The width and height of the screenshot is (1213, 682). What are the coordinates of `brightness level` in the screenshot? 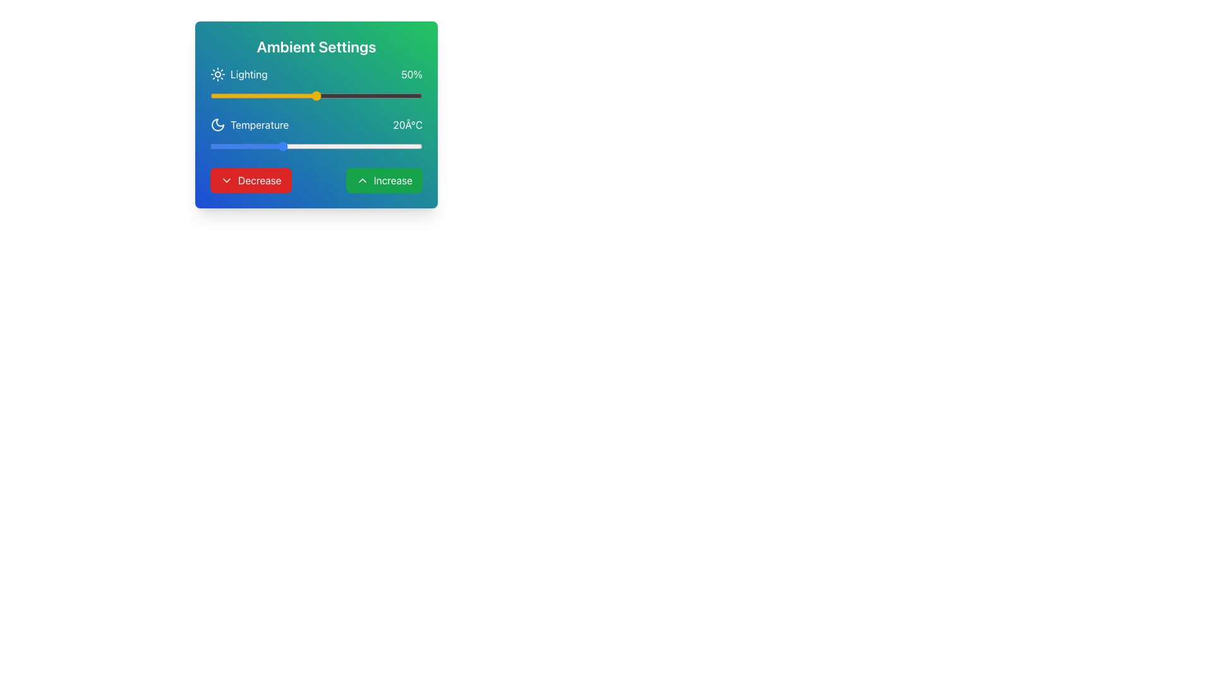 It's located at (214, 95).